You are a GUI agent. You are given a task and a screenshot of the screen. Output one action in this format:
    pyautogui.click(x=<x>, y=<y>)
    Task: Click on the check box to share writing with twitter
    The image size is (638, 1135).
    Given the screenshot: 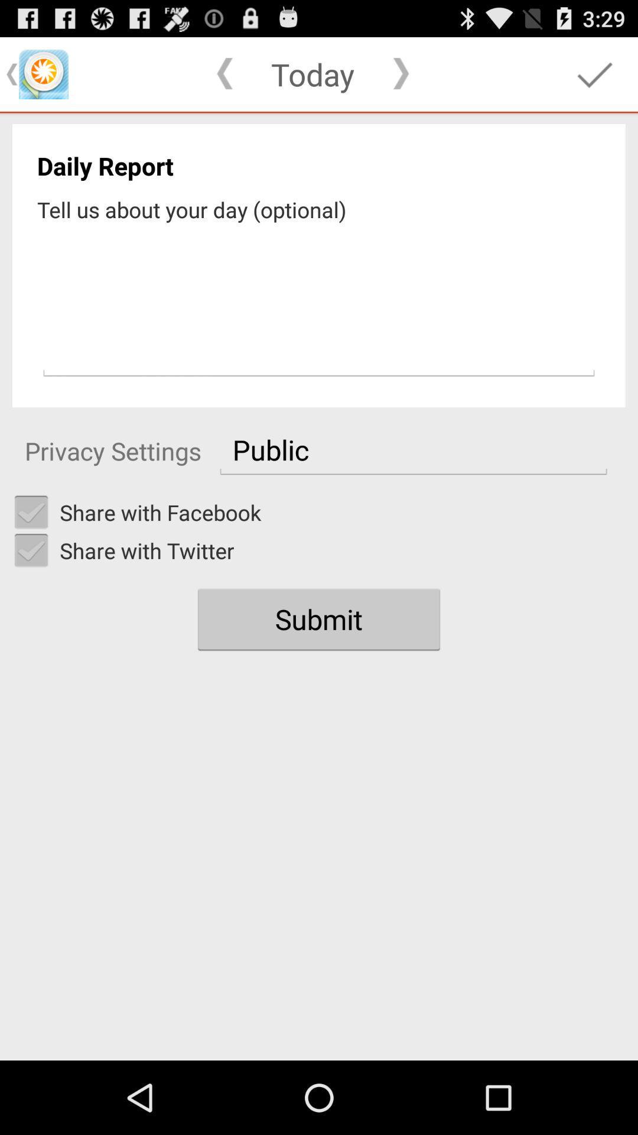 What is the action you would take?
    pyautogui.click(x=31, y=550)
    